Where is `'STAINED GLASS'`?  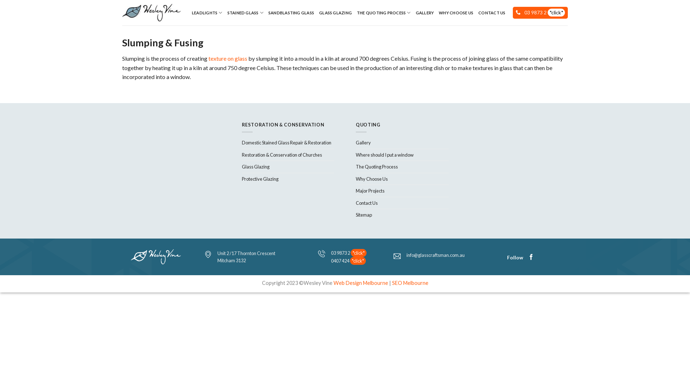
'STAINED GLASS' is located at coordinates (245, 13).